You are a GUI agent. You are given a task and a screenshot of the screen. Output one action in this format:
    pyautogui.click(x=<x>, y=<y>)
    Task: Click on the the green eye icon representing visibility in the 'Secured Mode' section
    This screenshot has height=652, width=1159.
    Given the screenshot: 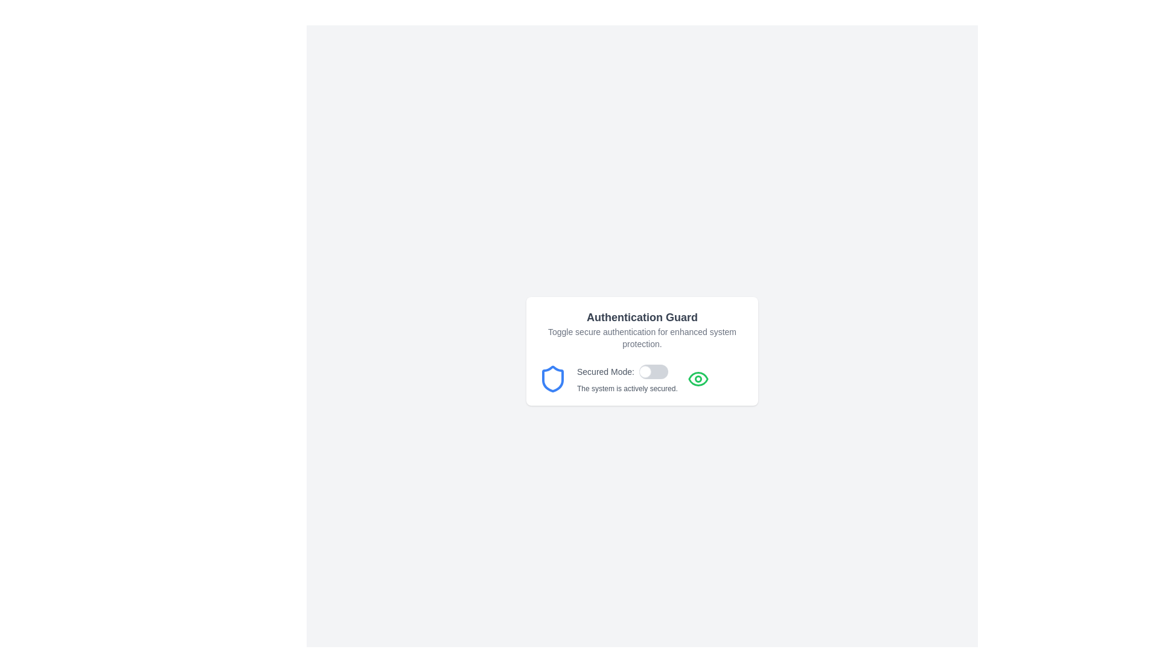 What is the action you would take?
    pyautogui.click(x=698, y=379)
    